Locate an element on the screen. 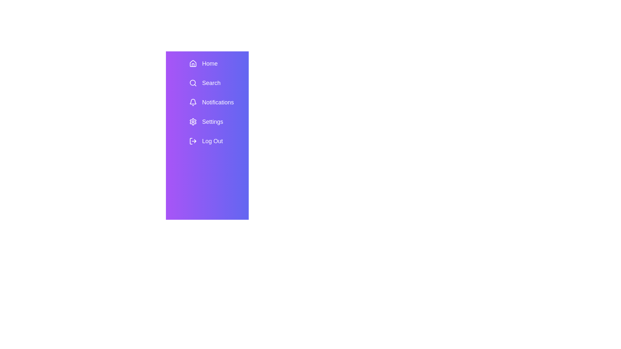  toggle button to change the visibility of the SidebarMenu is located at coordinates (175, 225).